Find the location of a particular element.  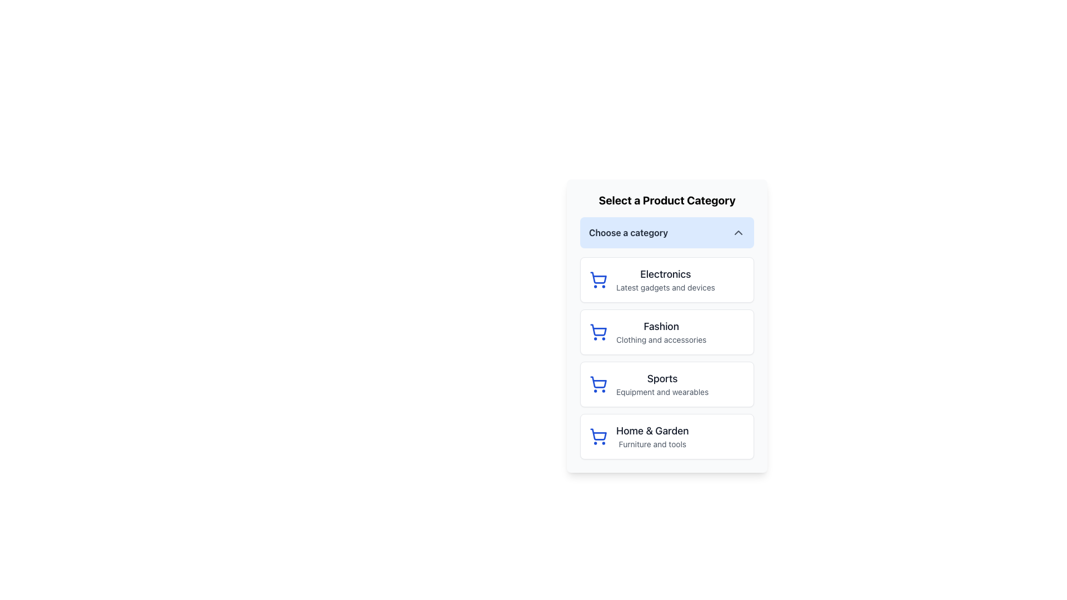

the blue lines of the shopping cart icon that signifies adding items to the cart, located to the left of the 'Home & Garden' text is located at coordinates (598, 434).